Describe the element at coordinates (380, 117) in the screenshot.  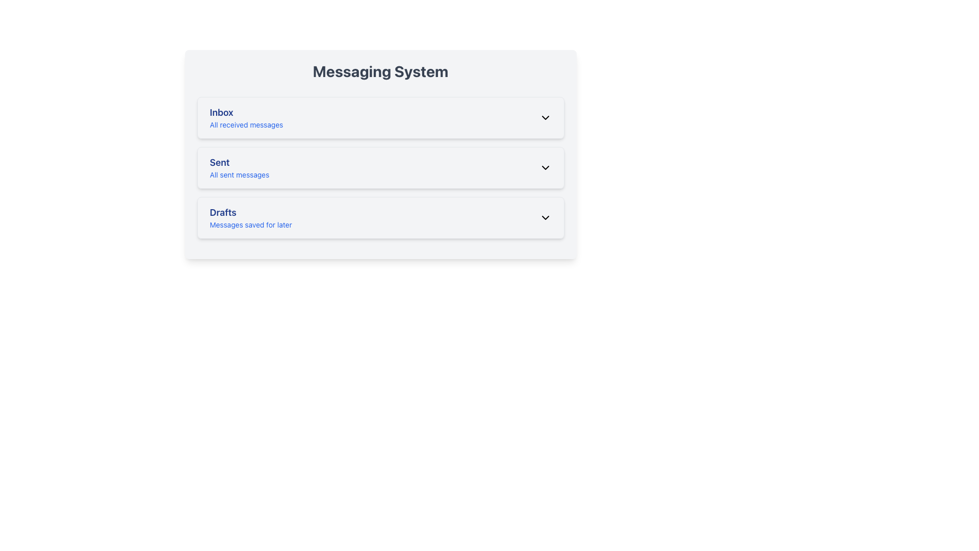
I see `the 'Inbox' button at the top of the Messaging System` at that location.